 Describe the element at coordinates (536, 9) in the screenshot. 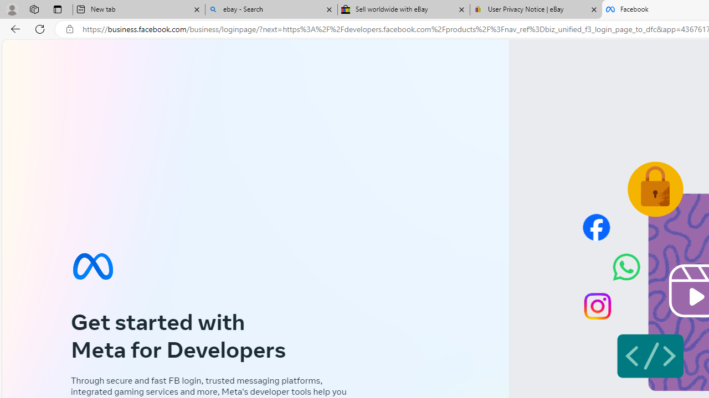

I see `'User Privacy Notice | eBay'` at that location.